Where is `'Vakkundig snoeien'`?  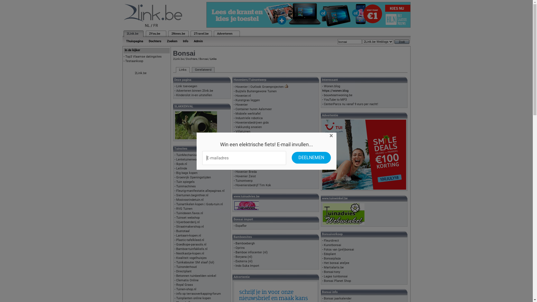
'Vakkundig snoeien' is located at coordinates (248, 127).